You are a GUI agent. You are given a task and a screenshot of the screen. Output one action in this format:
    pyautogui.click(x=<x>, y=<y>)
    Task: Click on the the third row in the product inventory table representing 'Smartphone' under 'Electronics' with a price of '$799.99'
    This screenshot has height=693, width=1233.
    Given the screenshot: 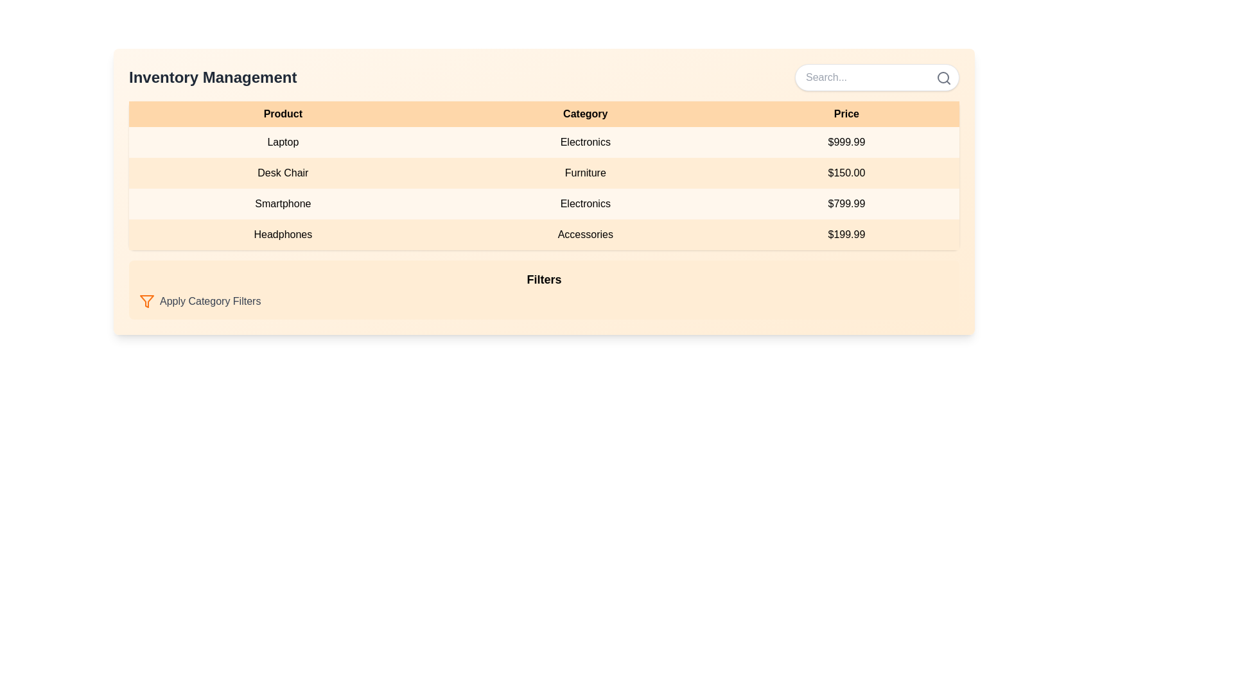 What is the action you would take?
    pyautogui.click(x=544, y=203)
    